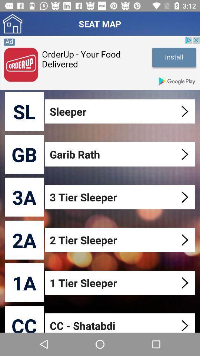  Describe the element at coordinates (24, 240) in the screenshot. I see `the item above the 1a` at that location.